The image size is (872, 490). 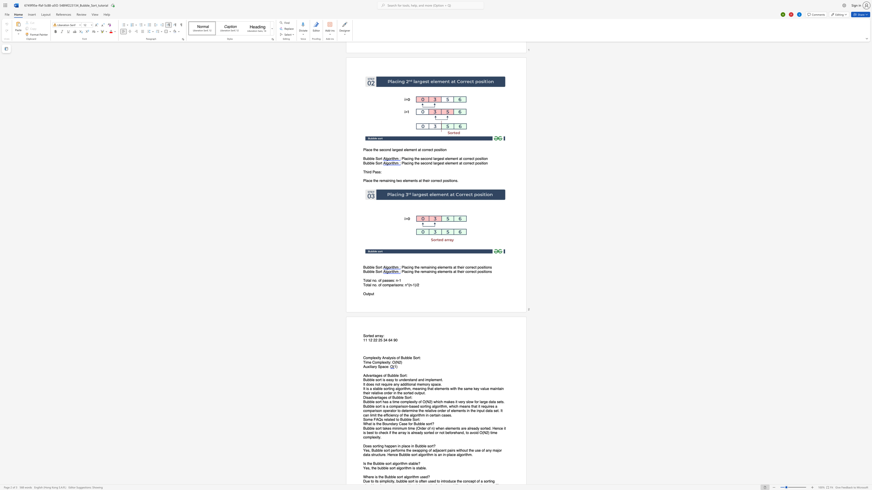 I want to click on the space between the continuous character "a" and "d" in the text, so click(x=402, y=384).